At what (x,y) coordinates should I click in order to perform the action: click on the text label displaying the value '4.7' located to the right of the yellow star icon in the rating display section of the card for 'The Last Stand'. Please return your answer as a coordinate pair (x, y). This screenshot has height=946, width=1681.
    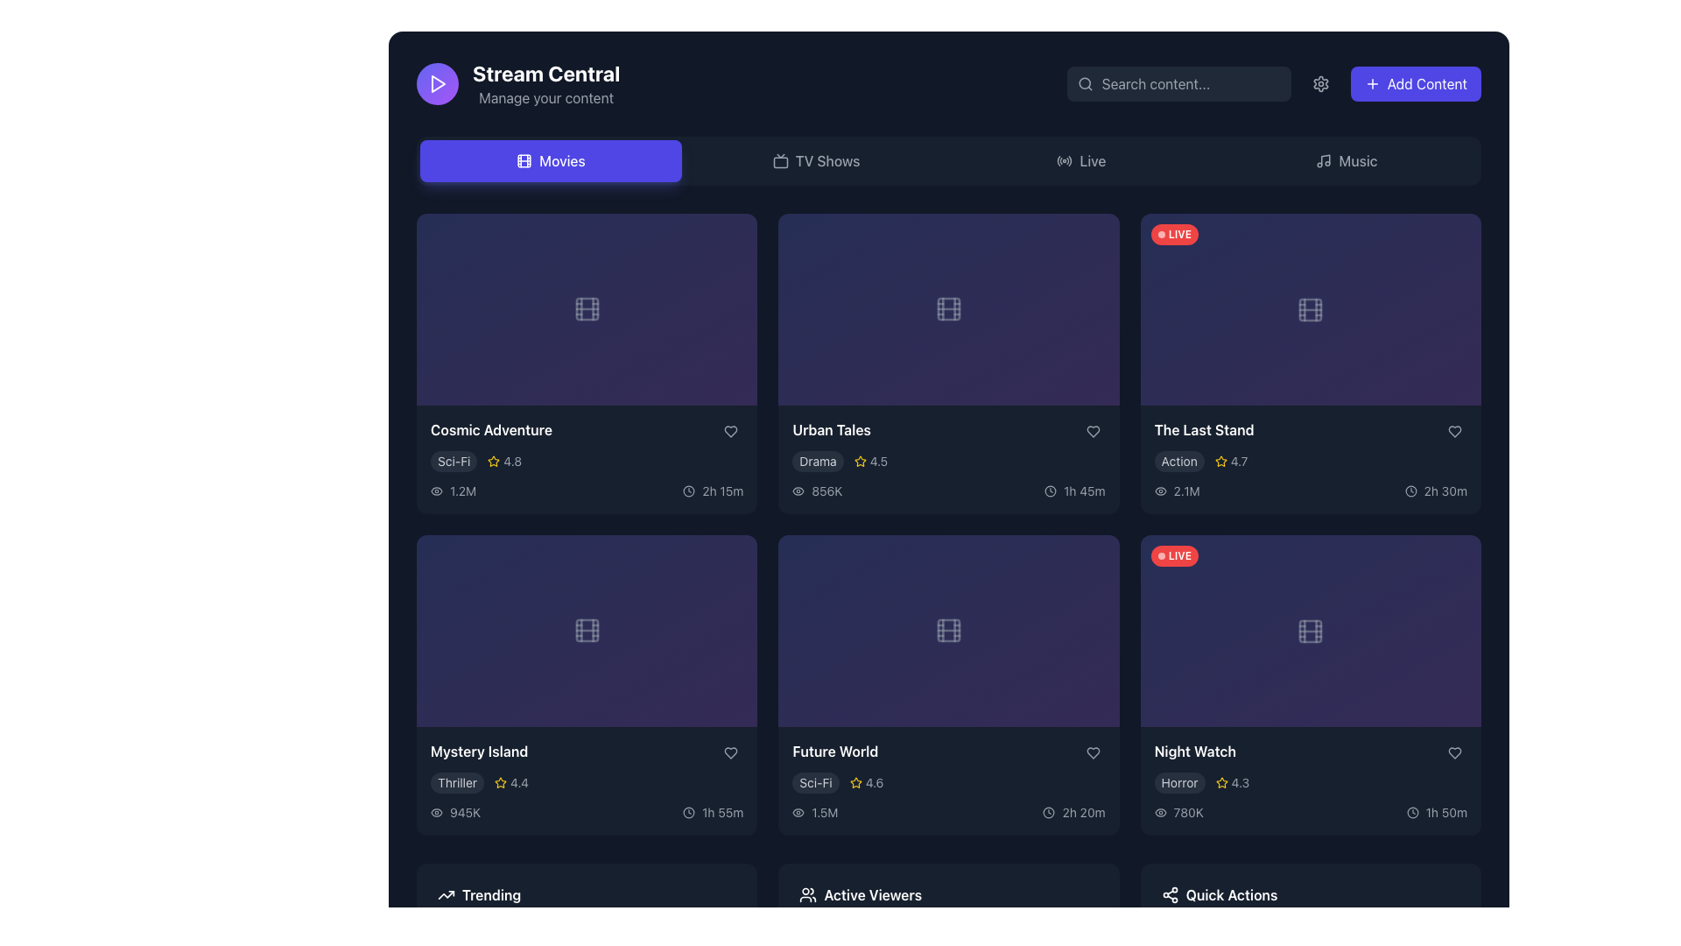
    Looking at the image, I should click on (1238, 461).